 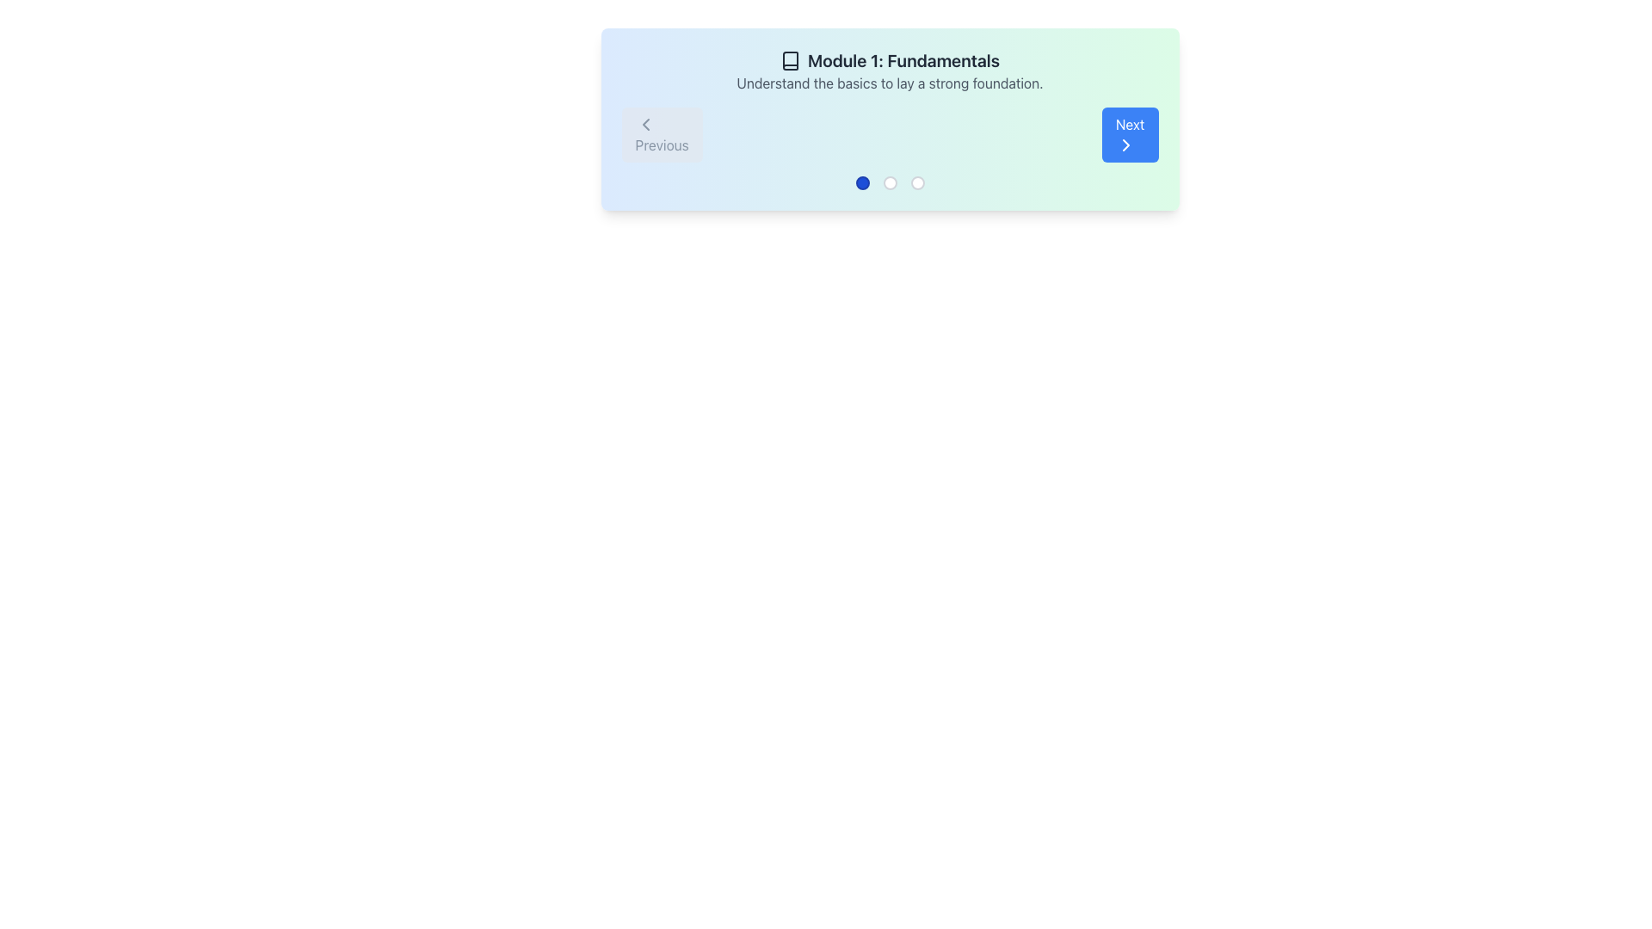 I want to click on the 'Previous' button, which is represented by an icon indicating backward navigation, located towards the left side of the interface, so click(x=644, y=124).